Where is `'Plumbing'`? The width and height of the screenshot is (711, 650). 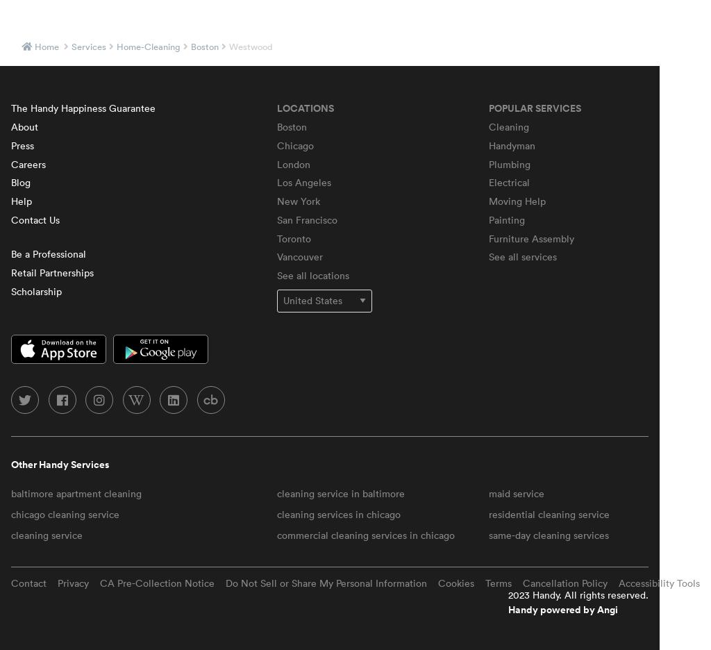 'Plumbing' is located at coordinates (509, 162).